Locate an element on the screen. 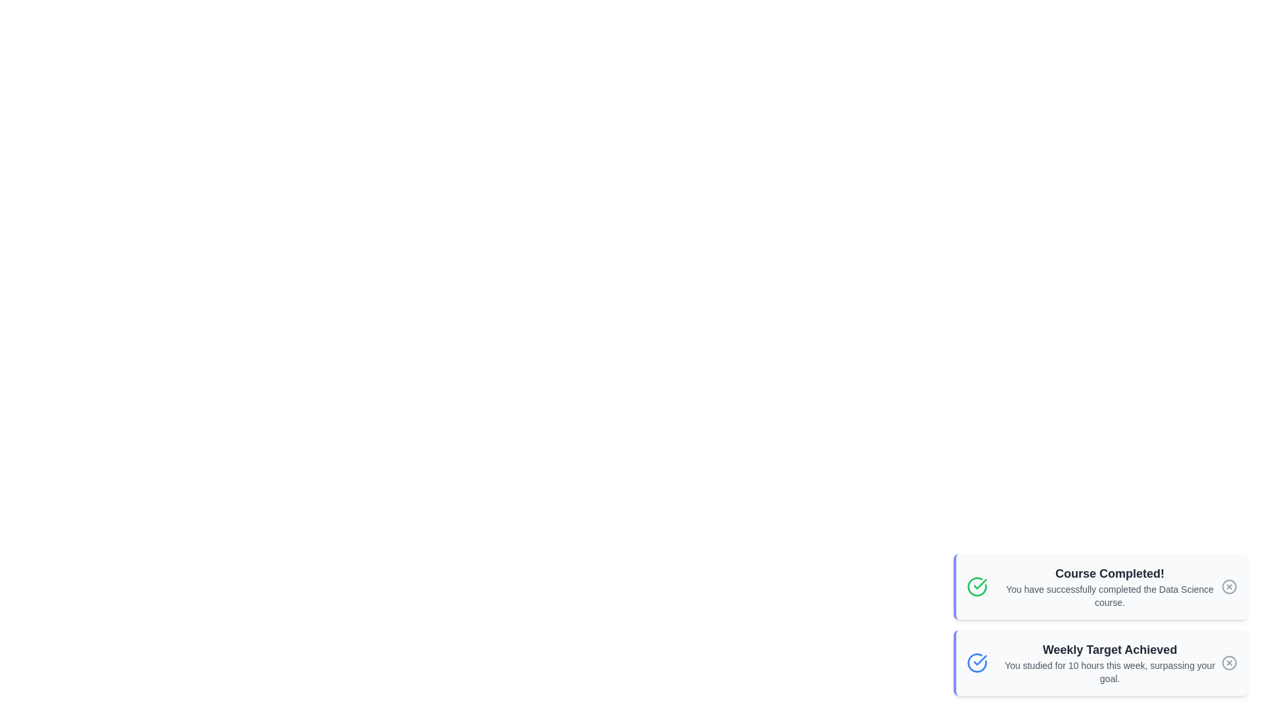 The width and height of the screenshot is (1261, 709). the notification titled 'Course Completed!' to read its details is located at coordinates (1100, 586).